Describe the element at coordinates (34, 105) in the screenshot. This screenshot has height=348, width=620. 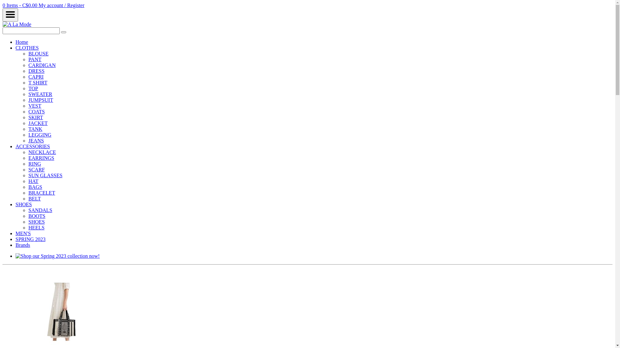
I see `'VEST'` at that location.